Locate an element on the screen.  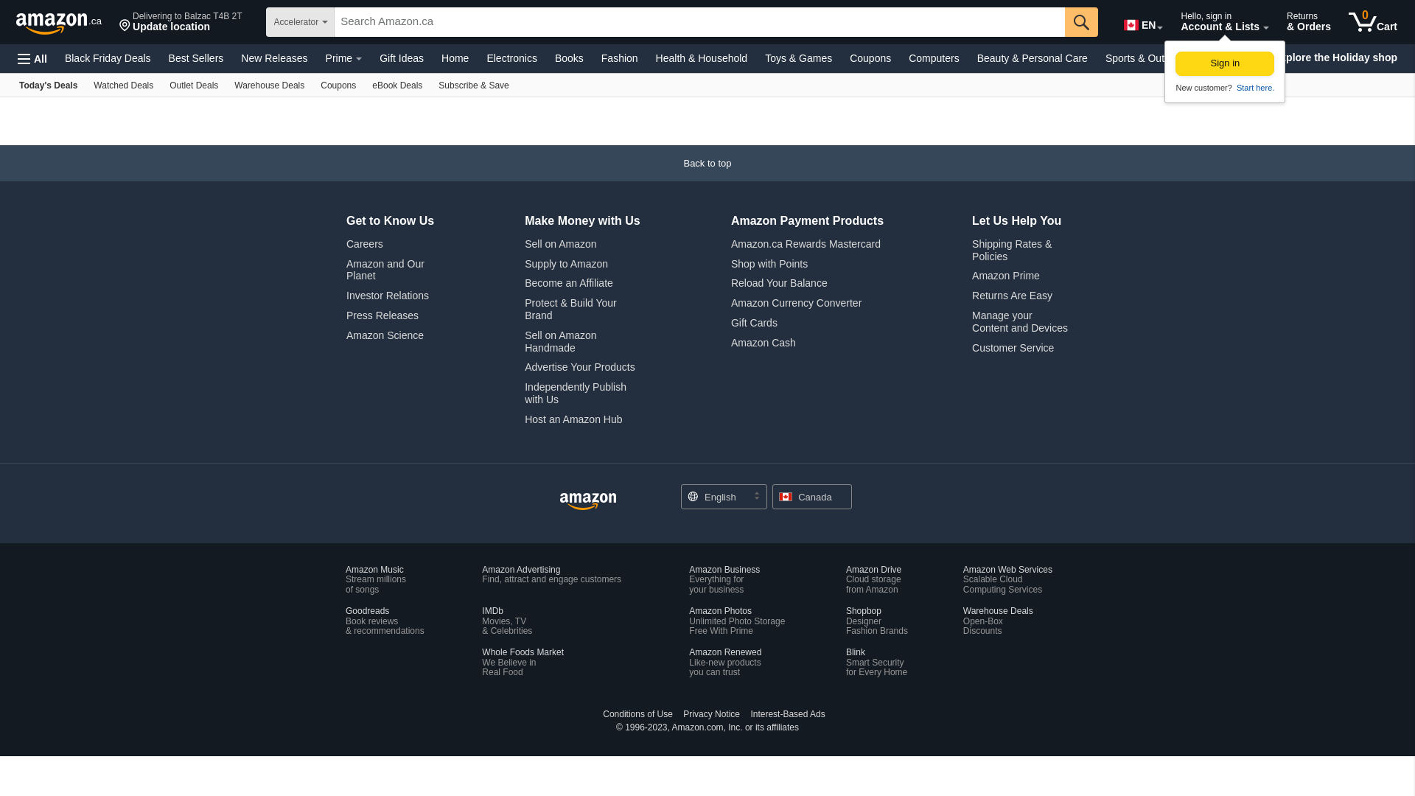
'eBook Deals' is located at coordinates (364, 85).